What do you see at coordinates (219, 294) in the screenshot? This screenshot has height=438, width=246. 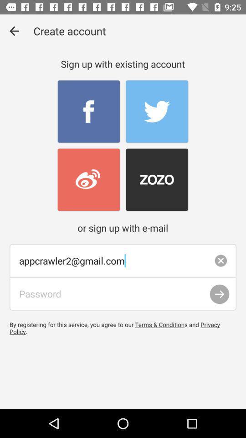 I see `the arrow_forward icon` at bounding box center [219, 294].